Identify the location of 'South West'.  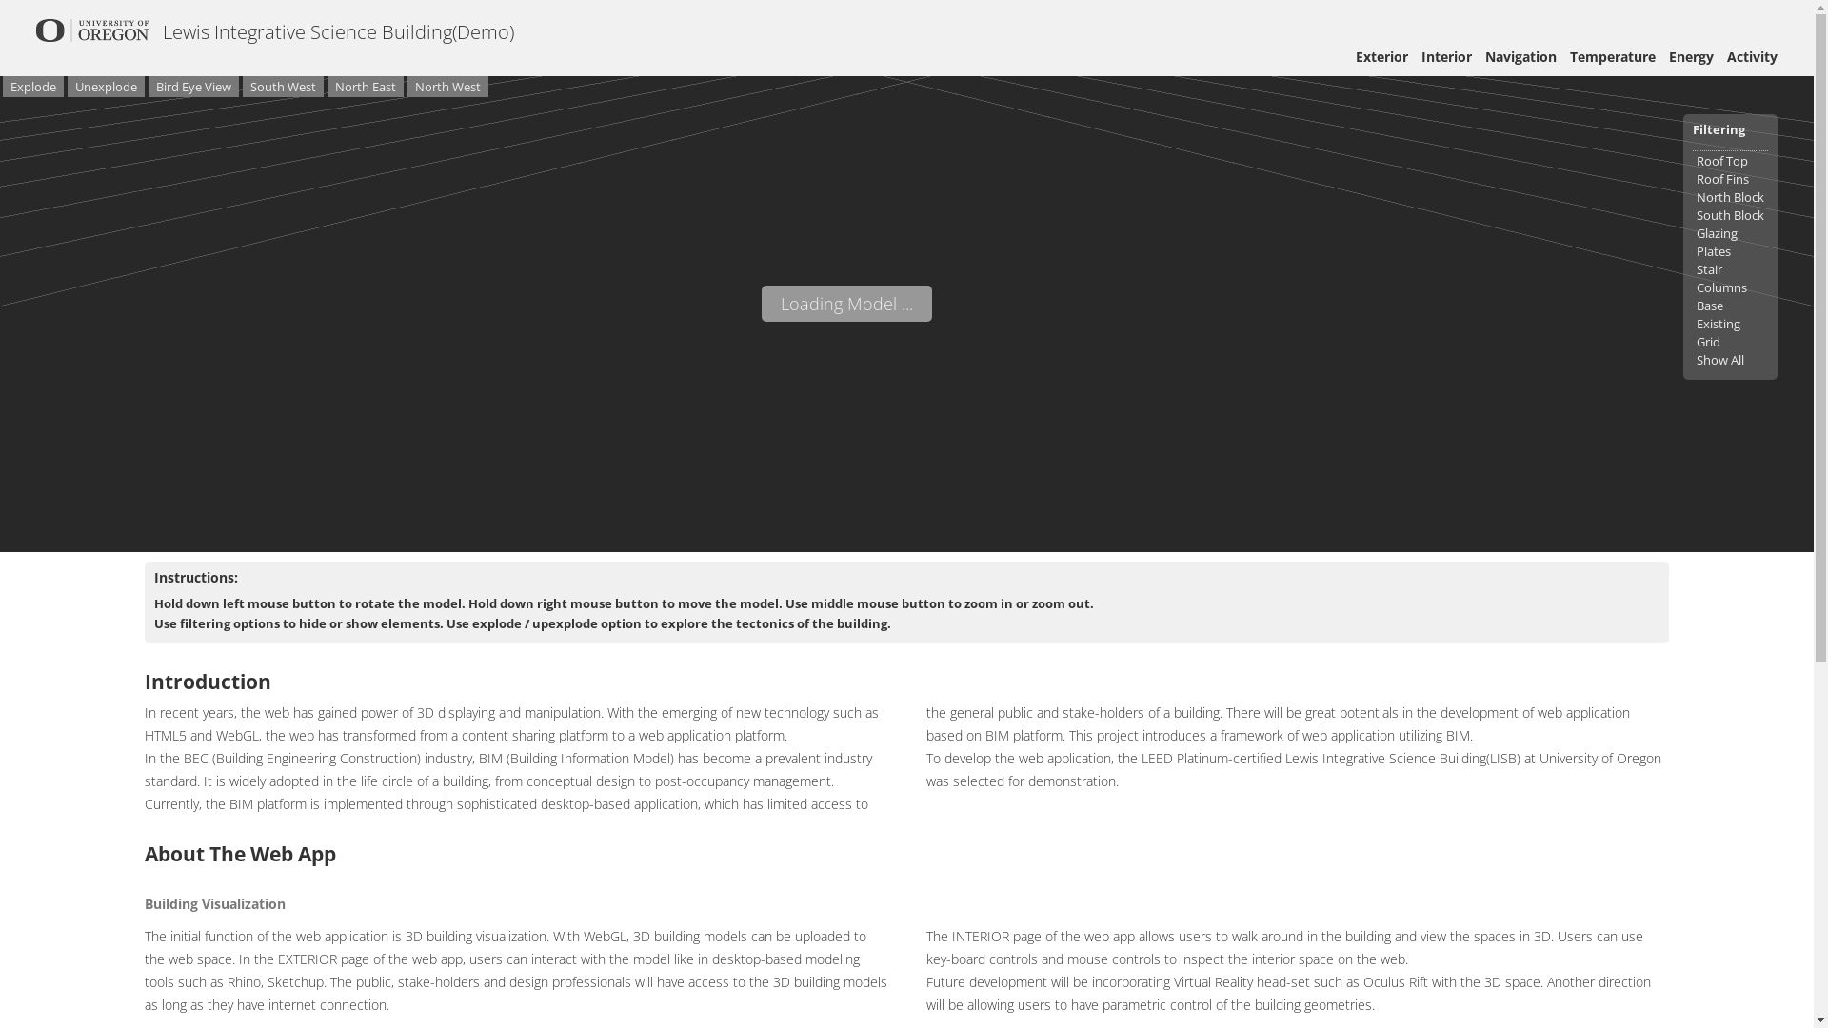
(282, 87).